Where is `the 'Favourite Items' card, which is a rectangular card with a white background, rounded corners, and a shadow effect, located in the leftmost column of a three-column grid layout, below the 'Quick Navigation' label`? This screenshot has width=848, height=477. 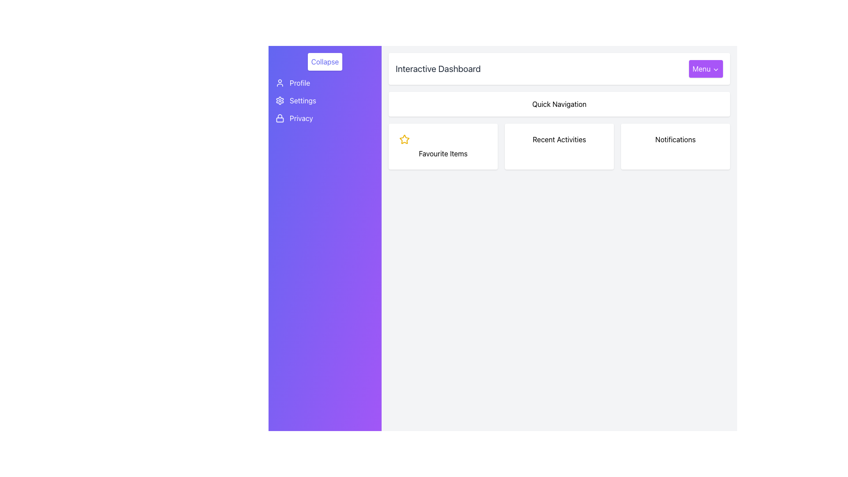
the 'Favourite Items' card, which is a rectangular card with a white background, rounded corners, and a shadow effect, located in the leftmost column of a three-column grid layout, below the 'Quick Navigation' label is located at coordinates (443, 146).